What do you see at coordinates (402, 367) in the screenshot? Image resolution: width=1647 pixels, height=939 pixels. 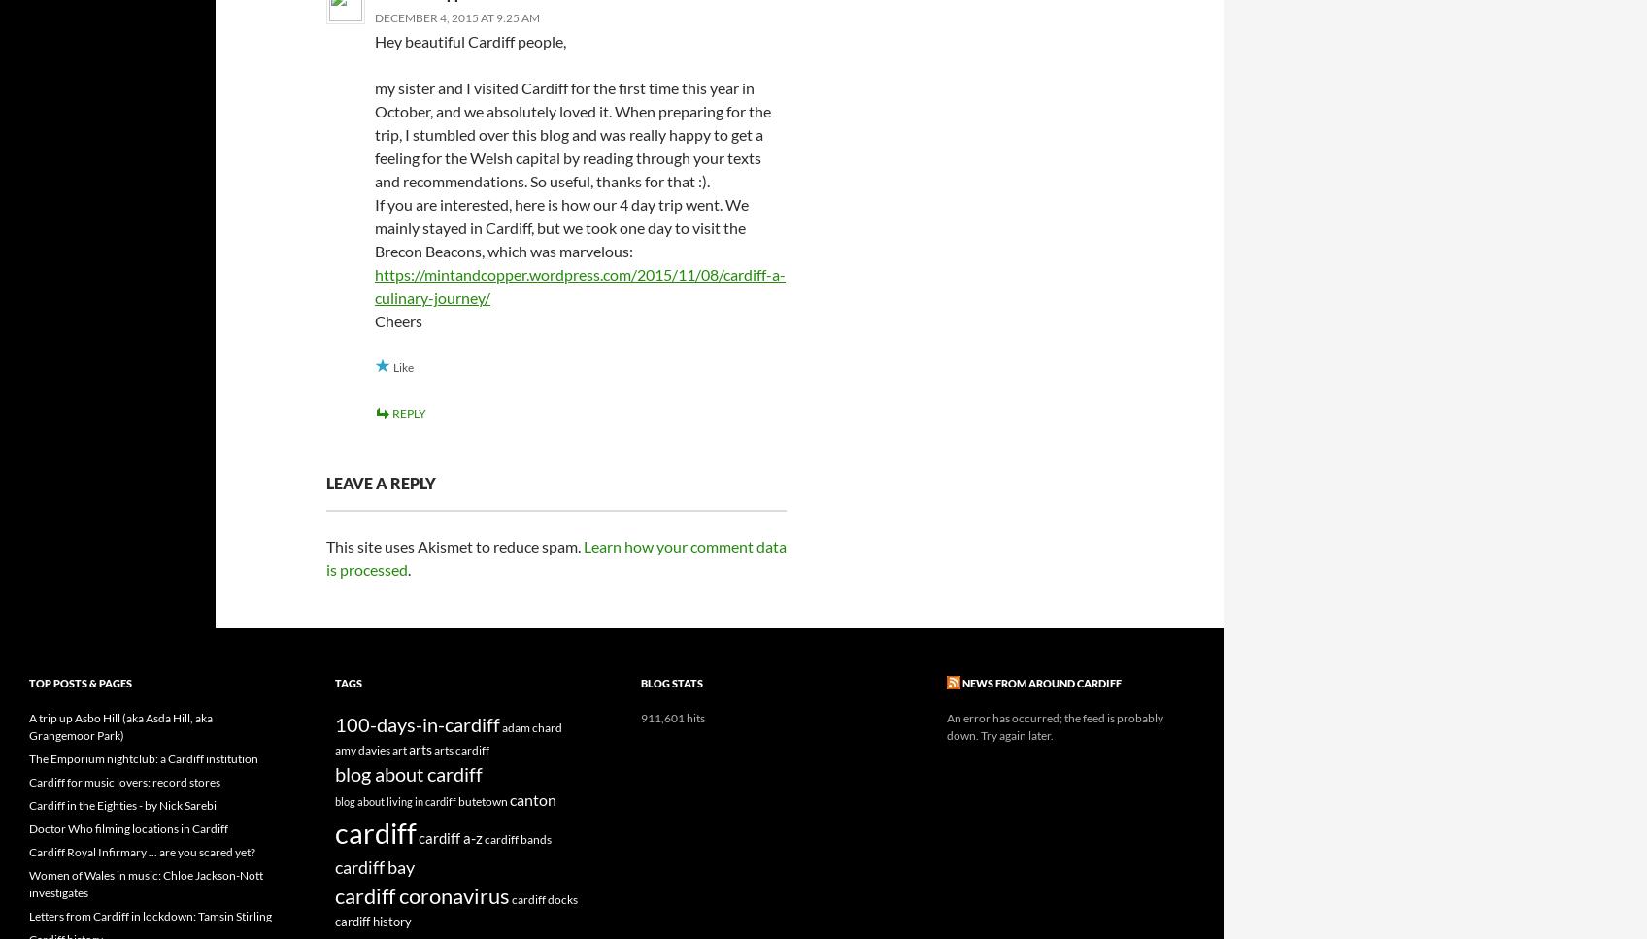 I see `'Like'` at bounding box center [402, 367].